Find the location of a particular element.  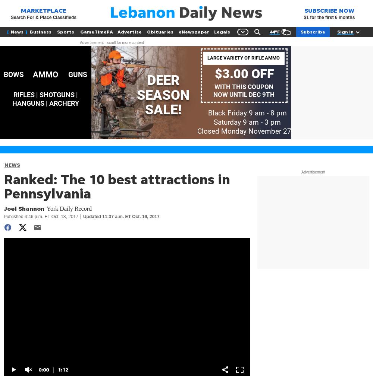

'Legals' is located at coordinates (221, 31).